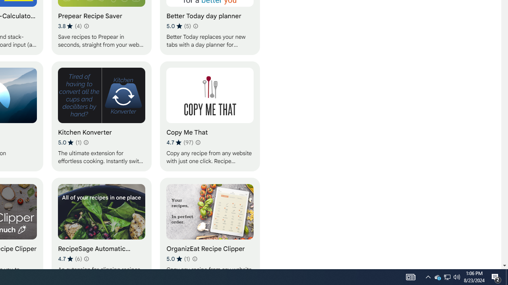 This screenshot has height=285, width=508. I want to click on 'Average rating 5 out of 5 stars. 1 rating.', so click(177, 258).